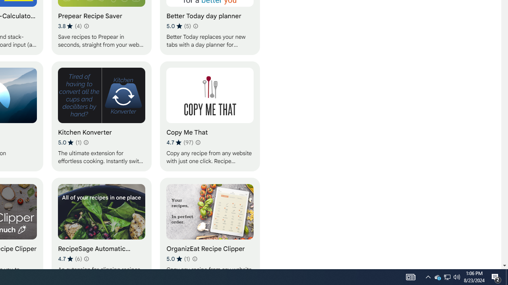 This screenshot has height=285, width=508. I want to click on 'Average rating 5 out of 5 stars. 1 rating.', so click(177, 258).